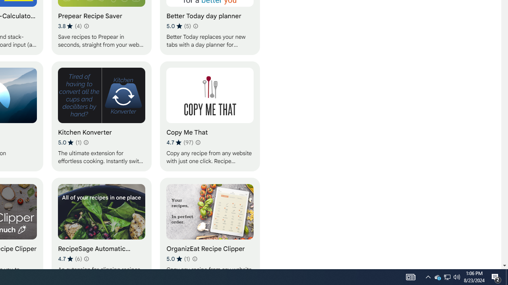 This screenshot has height=285, width=508. I want to click on 'Average rating 5 out of 5 stars. 1 rating.', so click(177, 258).